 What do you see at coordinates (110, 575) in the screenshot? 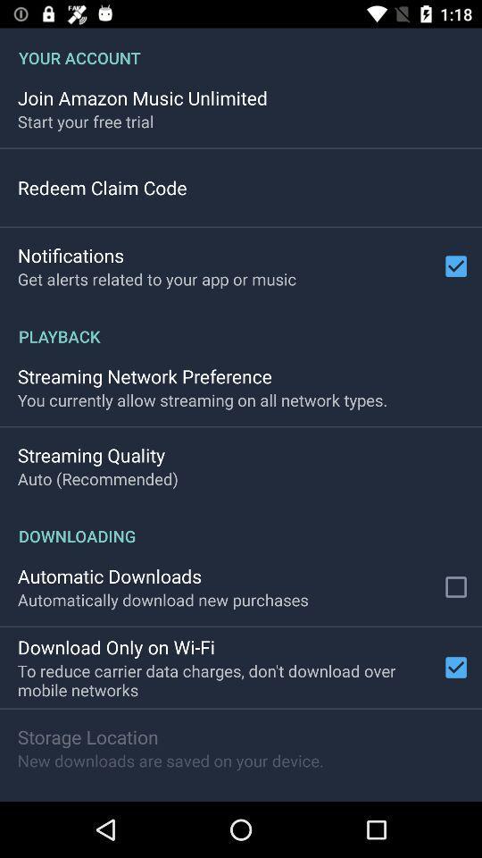
I see `the automatic downloads icon` at bounding box center [110, 575].